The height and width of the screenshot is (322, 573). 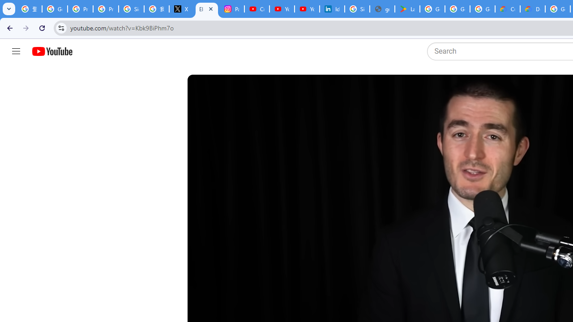 What do you see at coordinates (407, 9) in the screenshot?
I see `'Last Shelter: Survival - Apps on Google Play'` at bounding box center [407, 9].